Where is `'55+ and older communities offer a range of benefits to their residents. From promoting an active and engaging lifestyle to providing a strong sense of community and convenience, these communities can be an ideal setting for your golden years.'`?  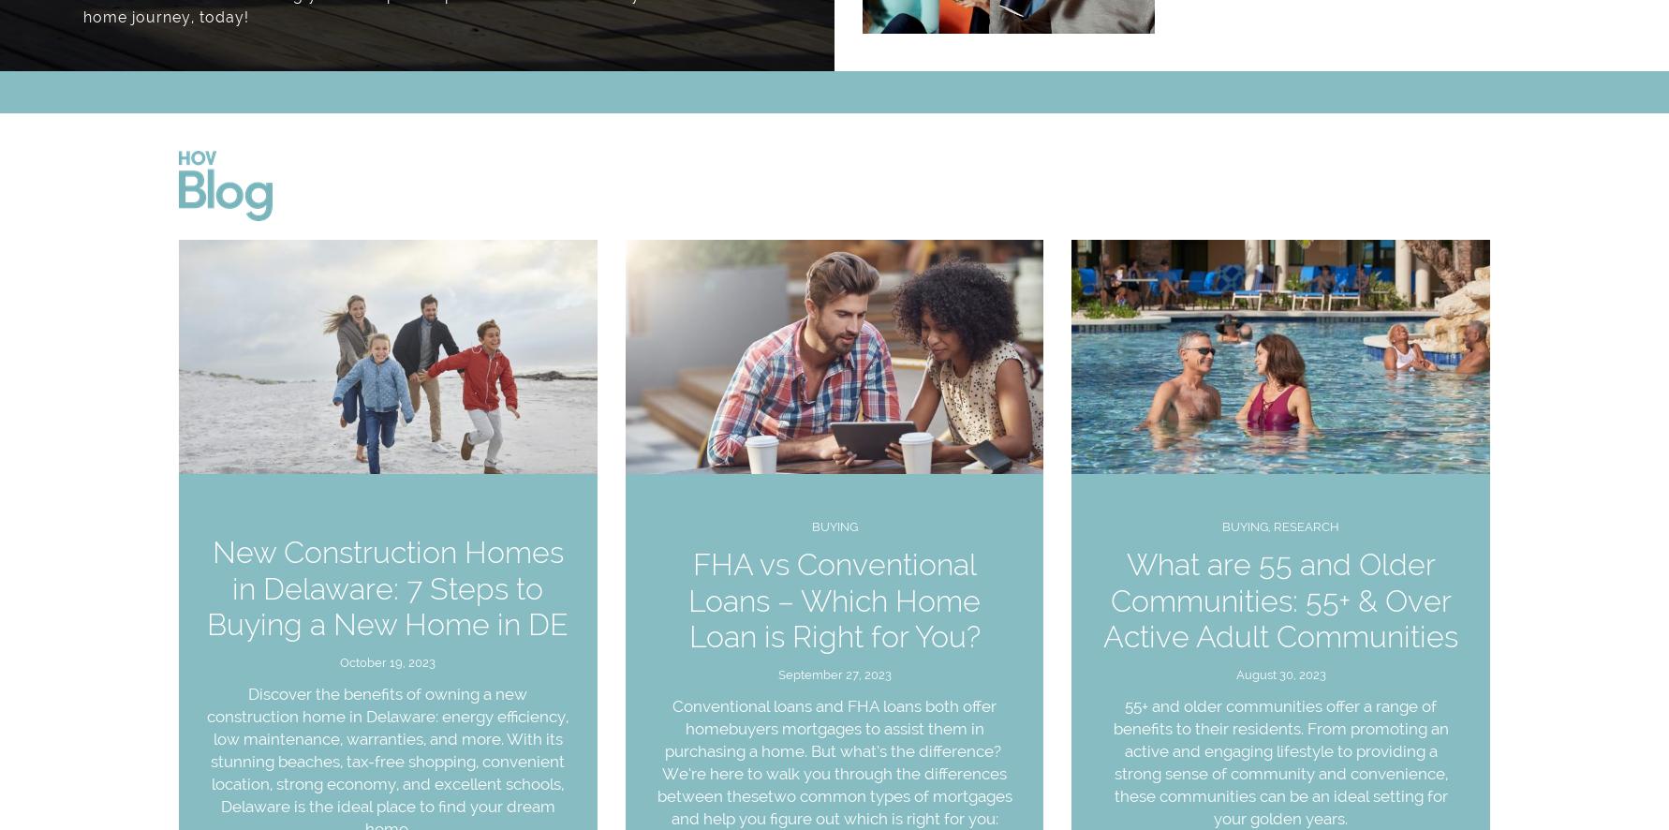
'55+ and older communities offer a range of benefits to their residents. From promoting an active and engaging lifestyle to providing a strong sense of community and convenience, these communities can be an ideal setting for your golden years.' is located at coordinates (1278, 762).